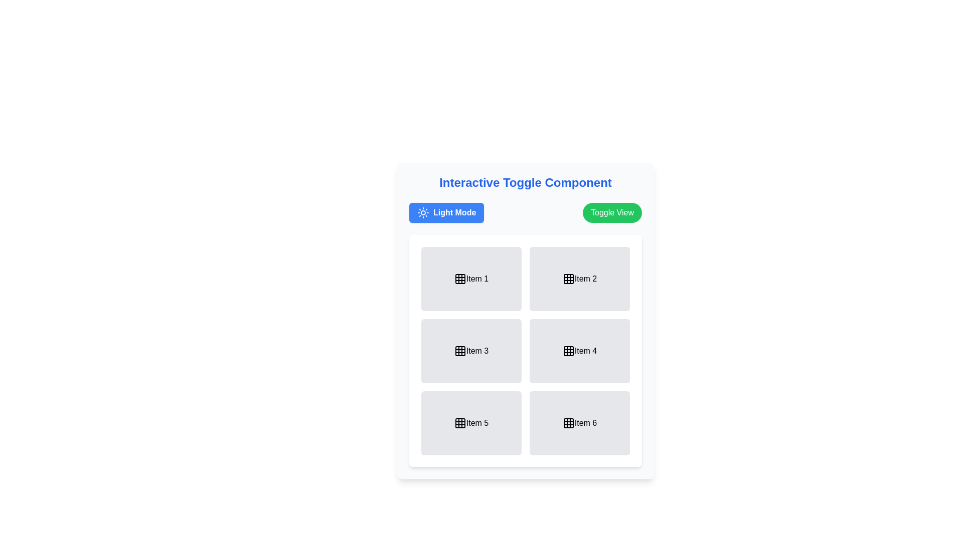 The width and height of the screenshot is (963, 541). I want to click on the grid icon located in the top row, second from the left, so click(568, 279).